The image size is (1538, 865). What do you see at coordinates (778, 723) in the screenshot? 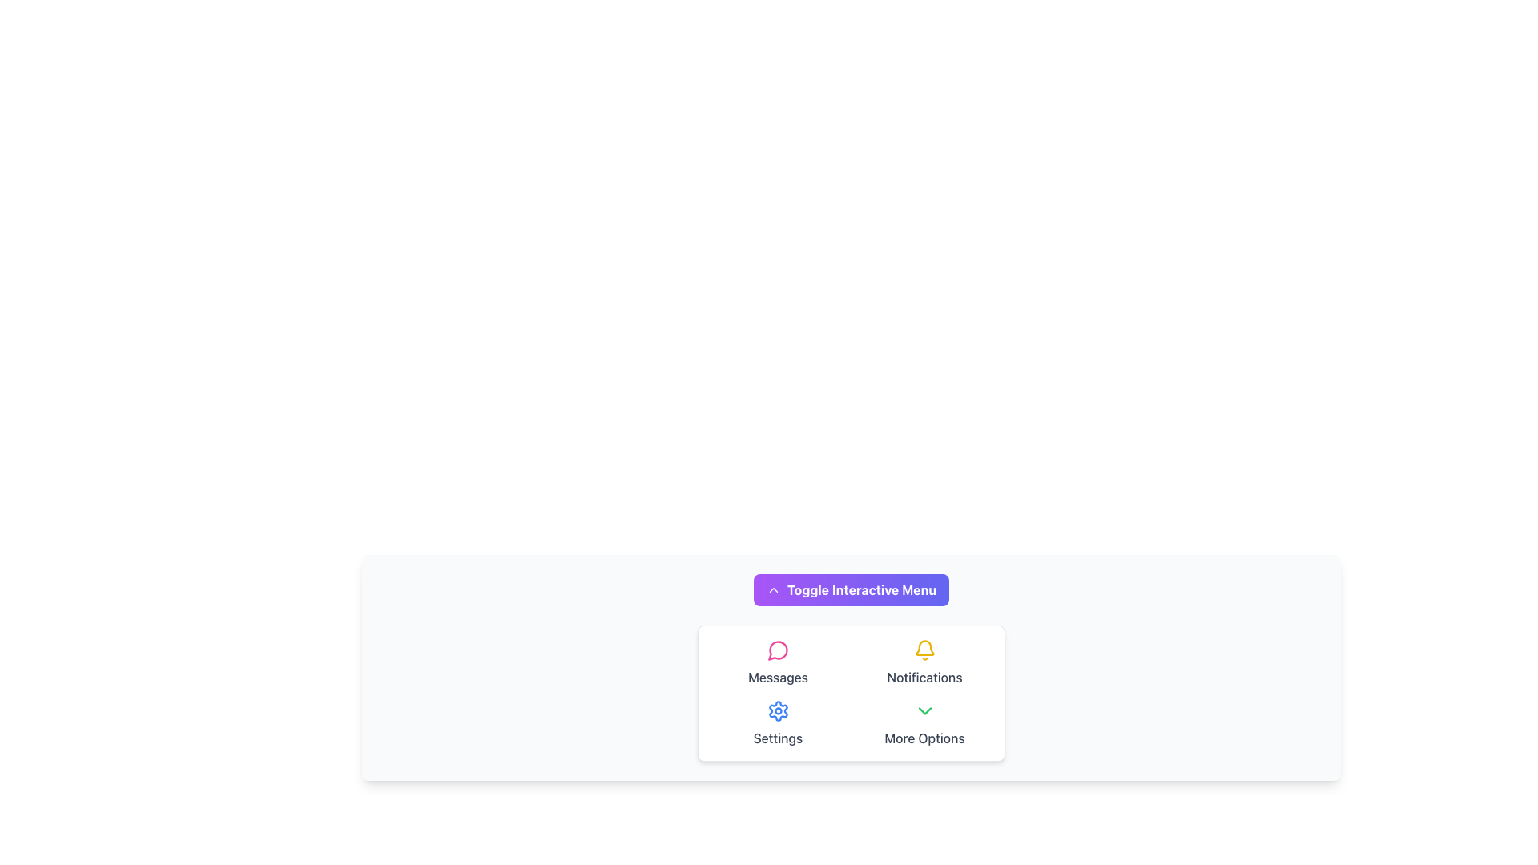
I see `the 'Settings' button, which features a blue gear icon above the label, located in the bottom-left of the grid layout` at bounding box center [778, 723].